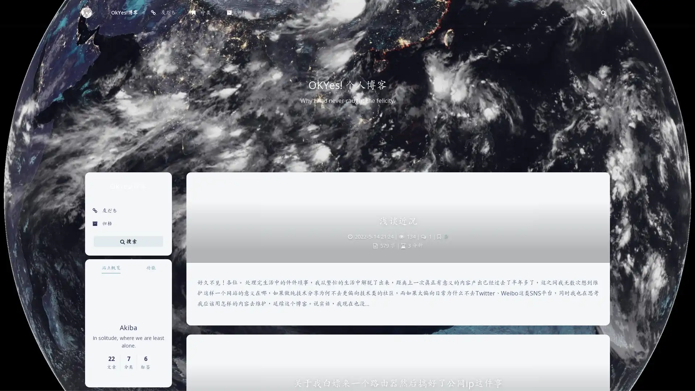  What do you see at coordinates (620, 292) in the screenshot?
I see `Sans Serif` at bounding box center [620, 292].